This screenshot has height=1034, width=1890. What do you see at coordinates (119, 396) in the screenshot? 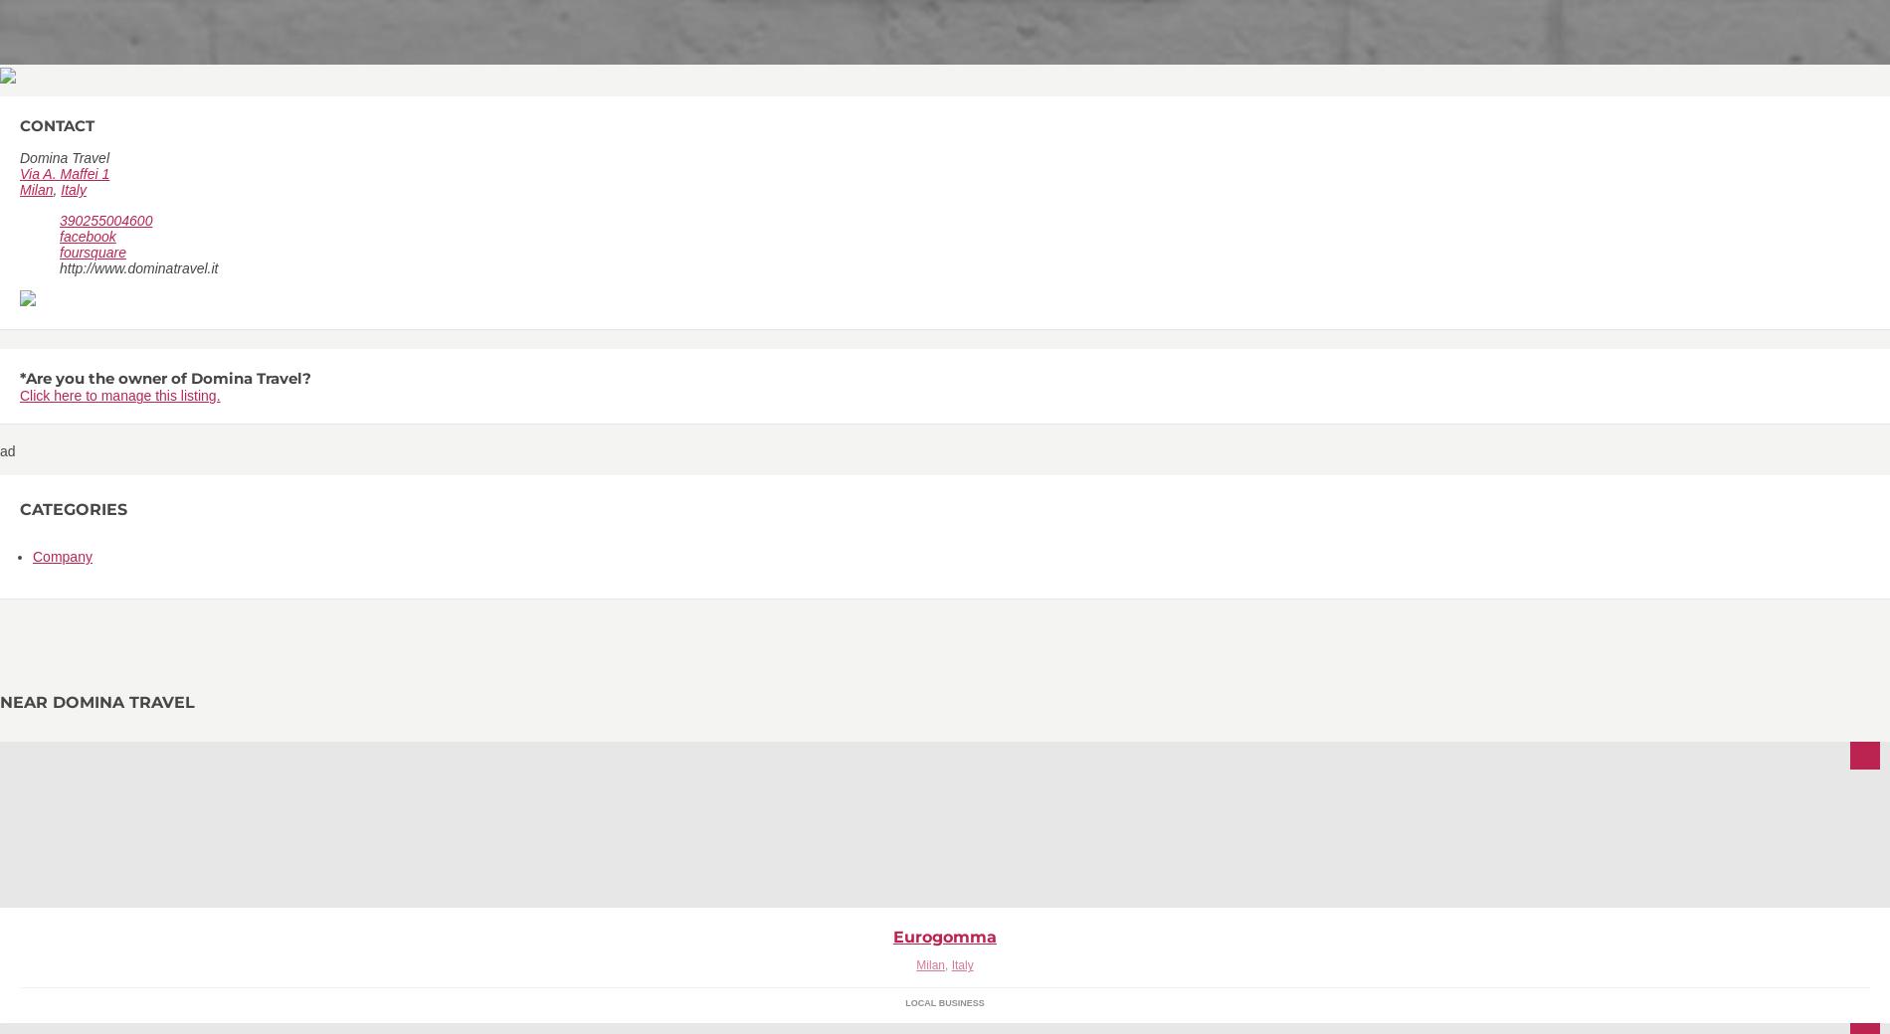
I see `'Click here to manage this listing.'` at bounding box center [119, 396].